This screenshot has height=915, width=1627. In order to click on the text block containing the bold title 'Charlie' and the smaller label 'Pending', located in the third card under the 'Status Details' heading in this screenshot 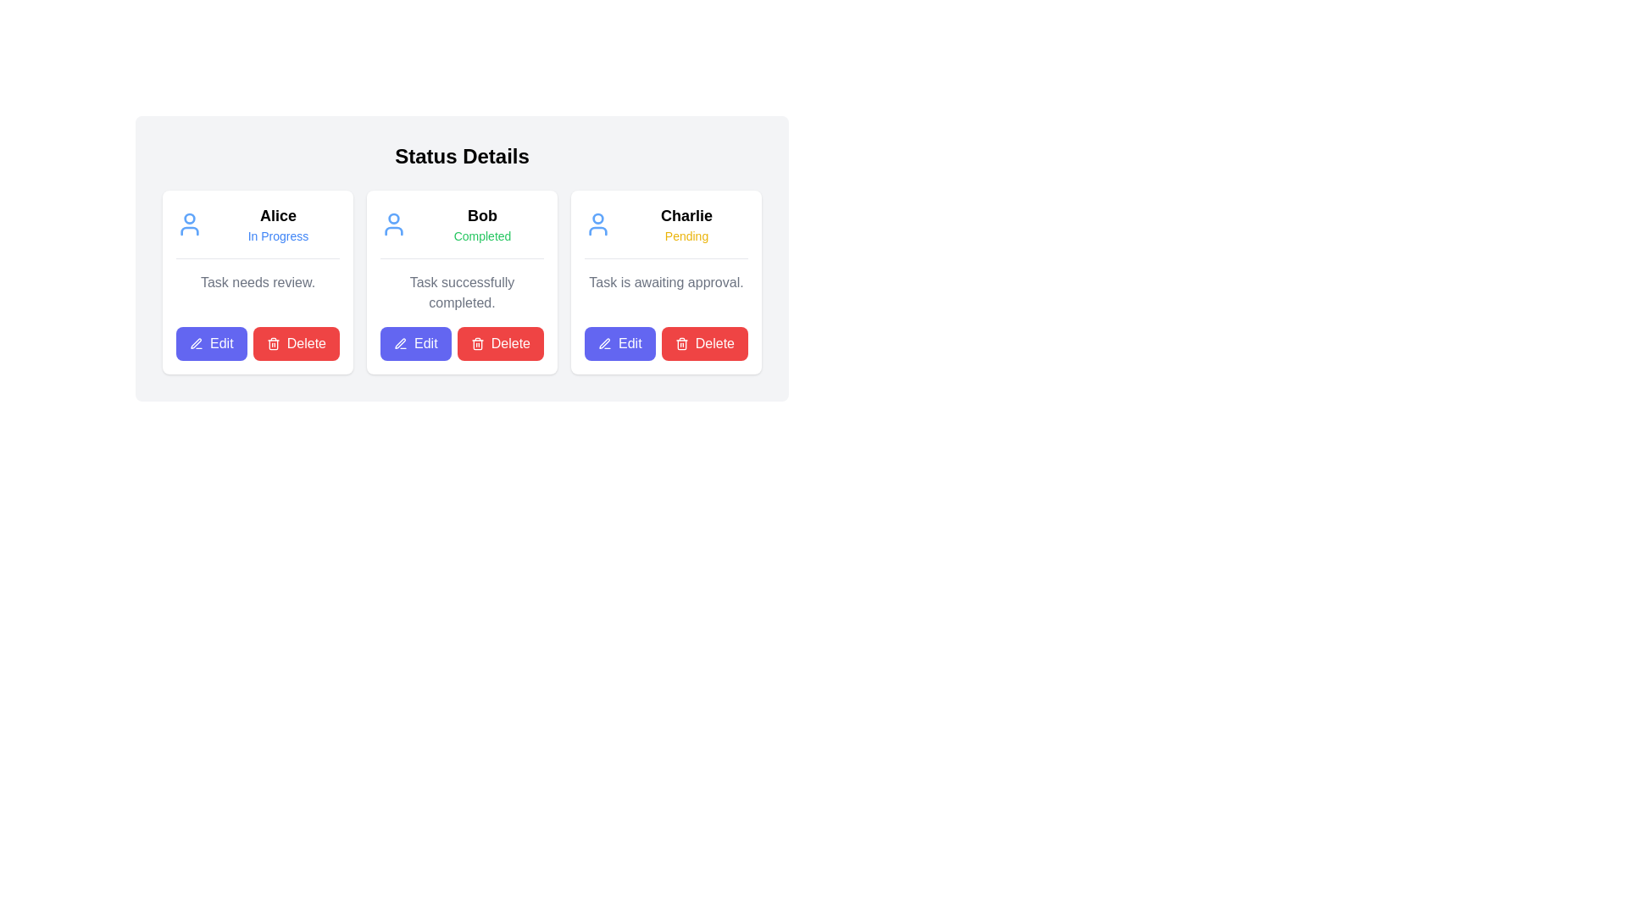, I will do `click(686, 224)`.